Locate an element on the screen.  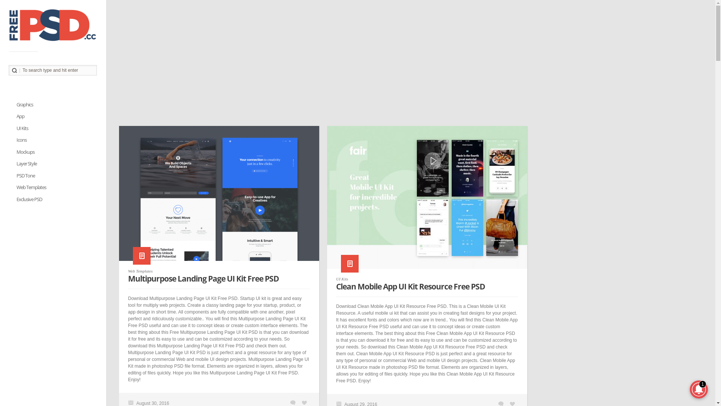
'Layer Style' is located at coordinates (27, 163).